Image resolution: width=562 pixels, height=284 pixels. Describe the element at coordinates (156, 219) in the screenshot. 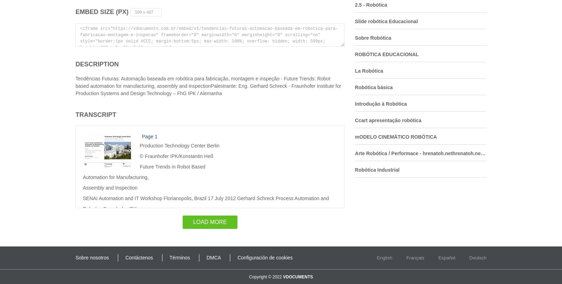

I see `'Your partner for applied research, development and implementation'` at that location.